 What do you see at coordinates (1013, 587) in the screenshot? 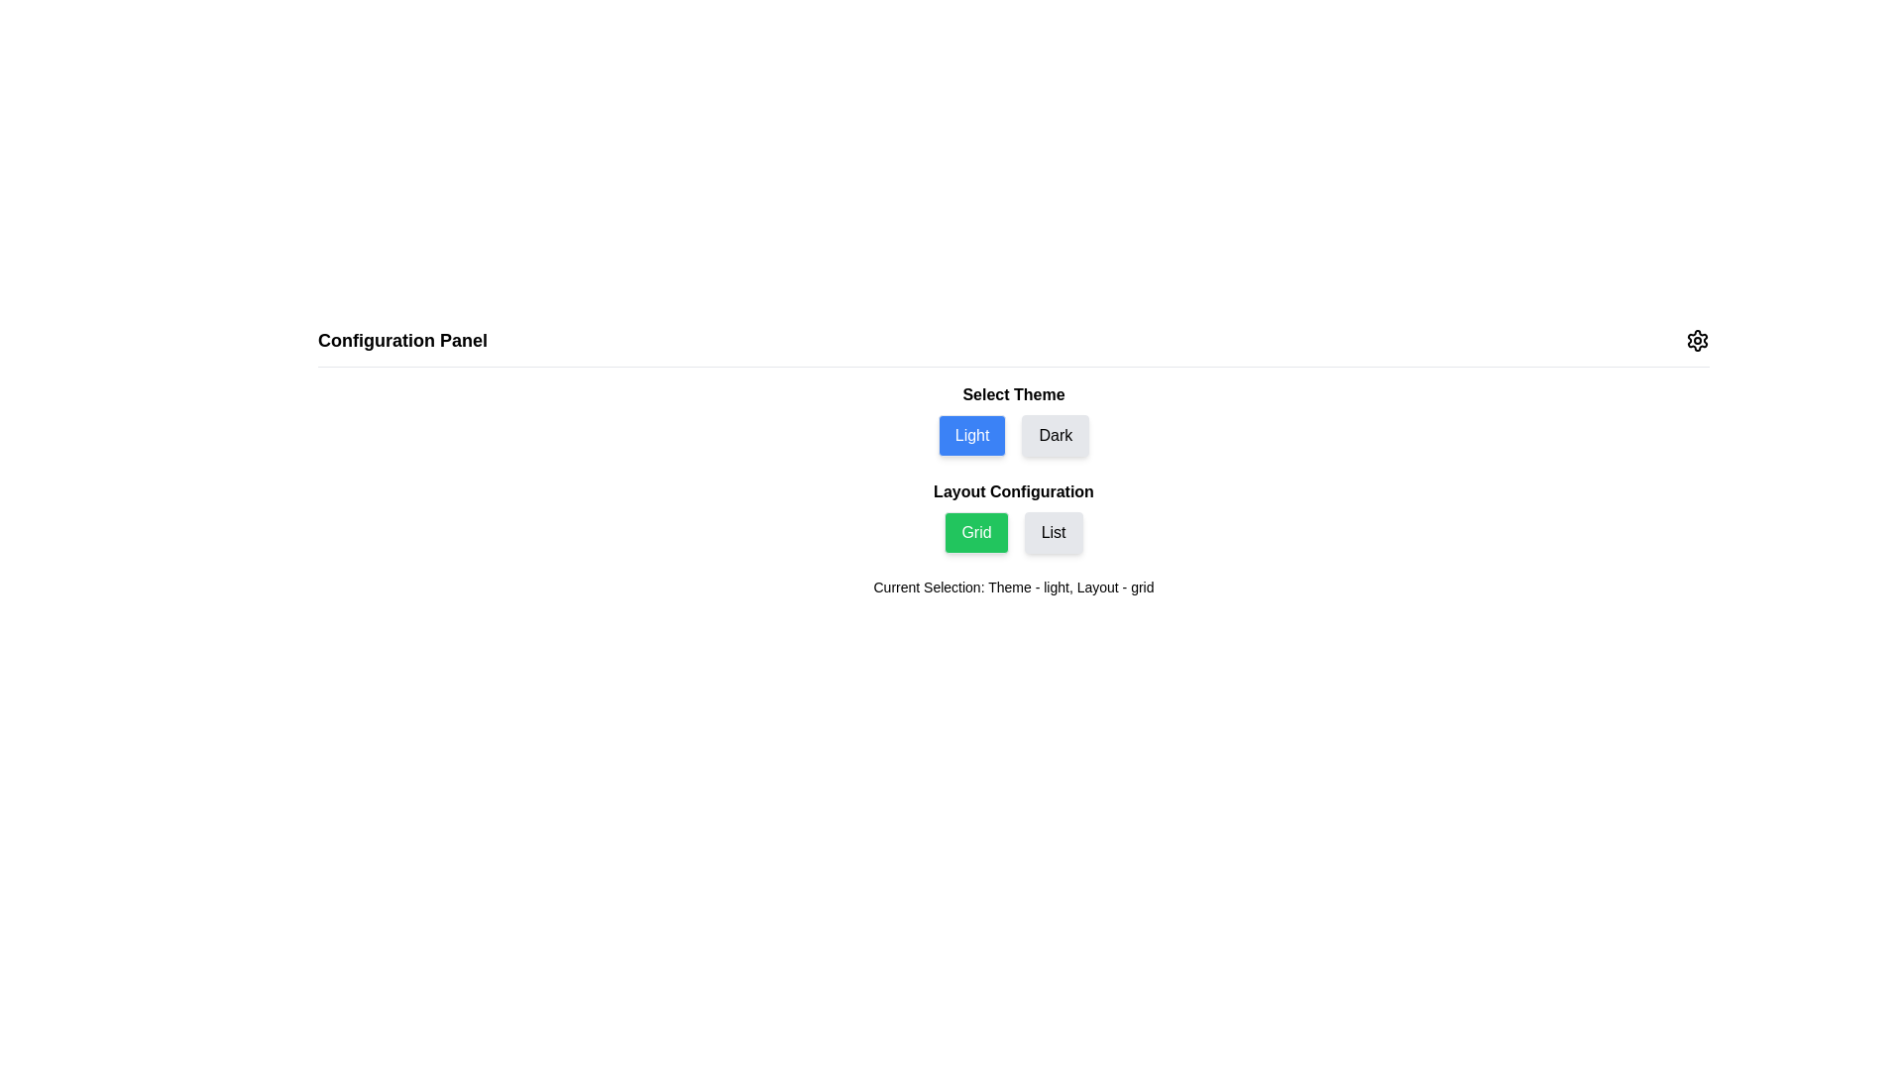
I see `the Text Display element that informs the user about the currently selected theme and layout settings, positioned centrally below the 'Layout Configuration' section` at bounding box center [1013, 587].